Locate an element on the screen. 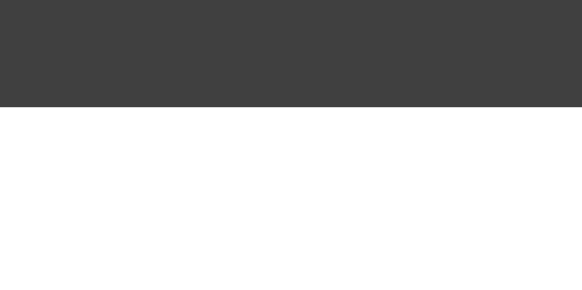 The image size is (582, 290). 'Play Golf' is located at coordinates (354, 4).